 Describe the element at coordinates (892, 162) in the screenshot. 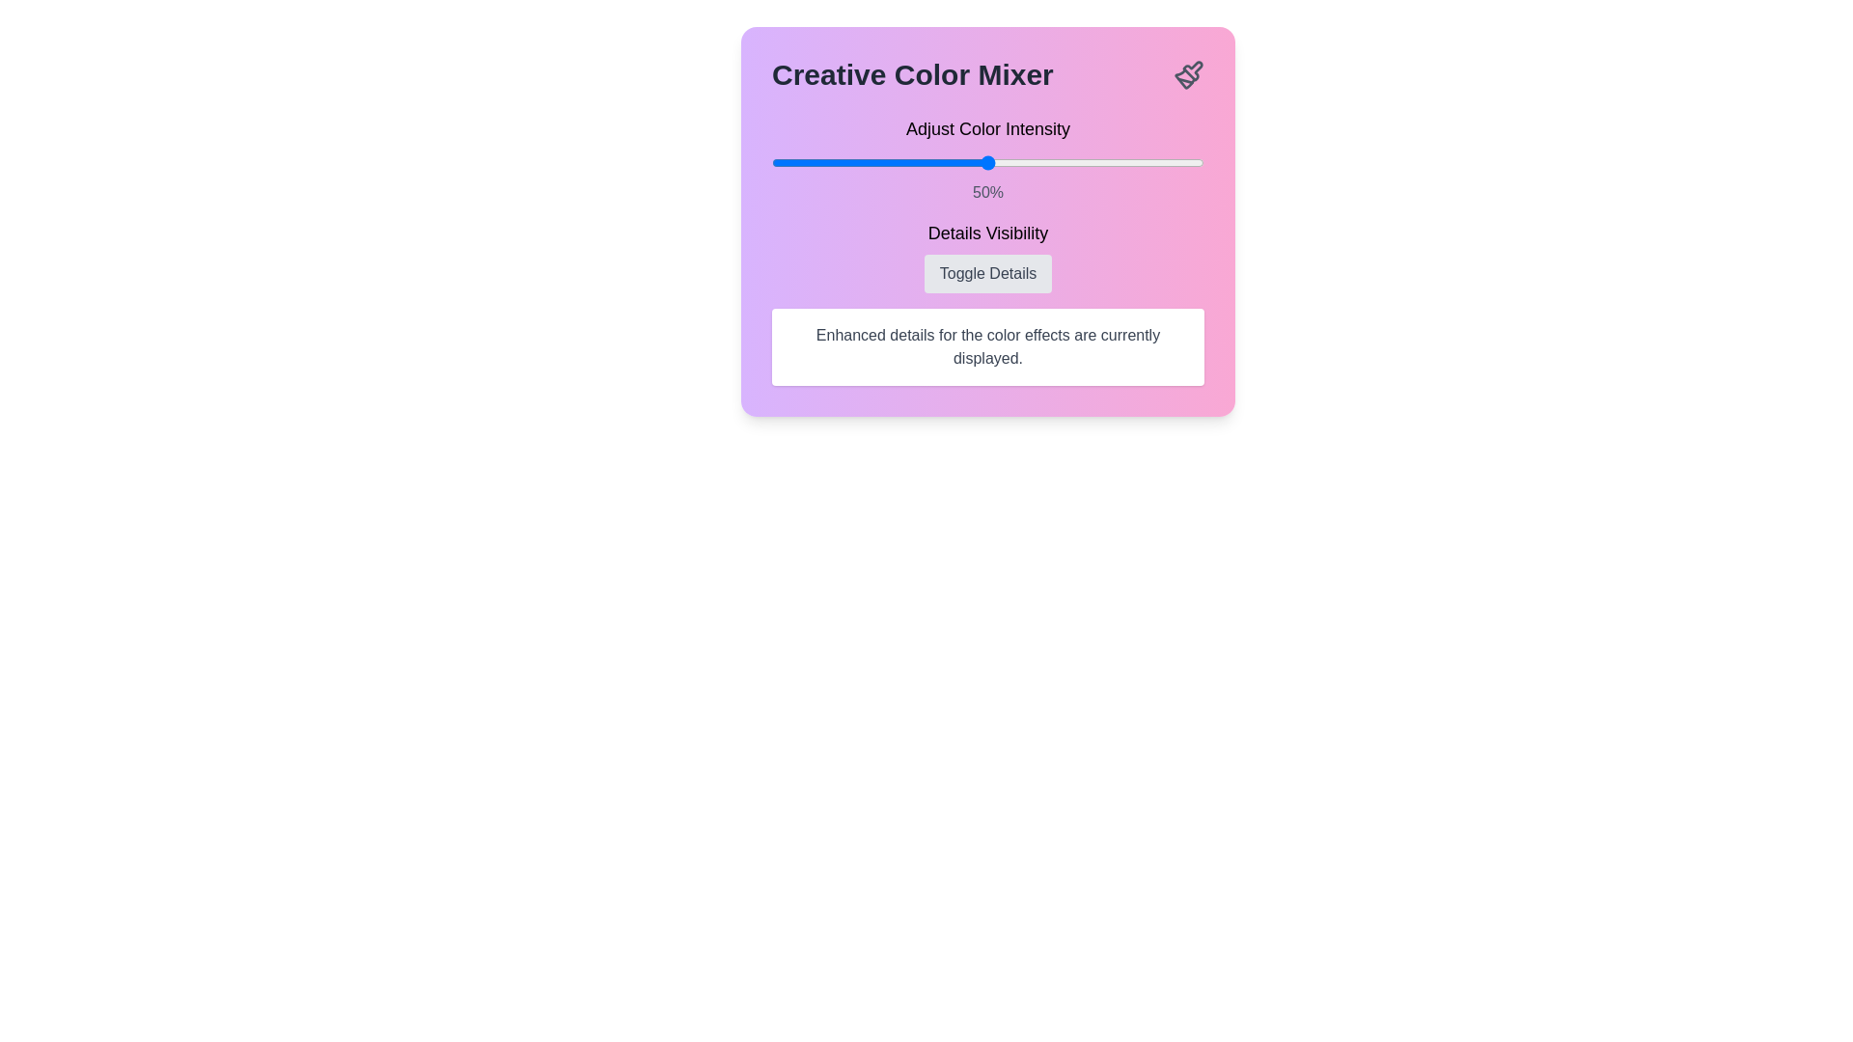

I see `the color intensity` at that location.